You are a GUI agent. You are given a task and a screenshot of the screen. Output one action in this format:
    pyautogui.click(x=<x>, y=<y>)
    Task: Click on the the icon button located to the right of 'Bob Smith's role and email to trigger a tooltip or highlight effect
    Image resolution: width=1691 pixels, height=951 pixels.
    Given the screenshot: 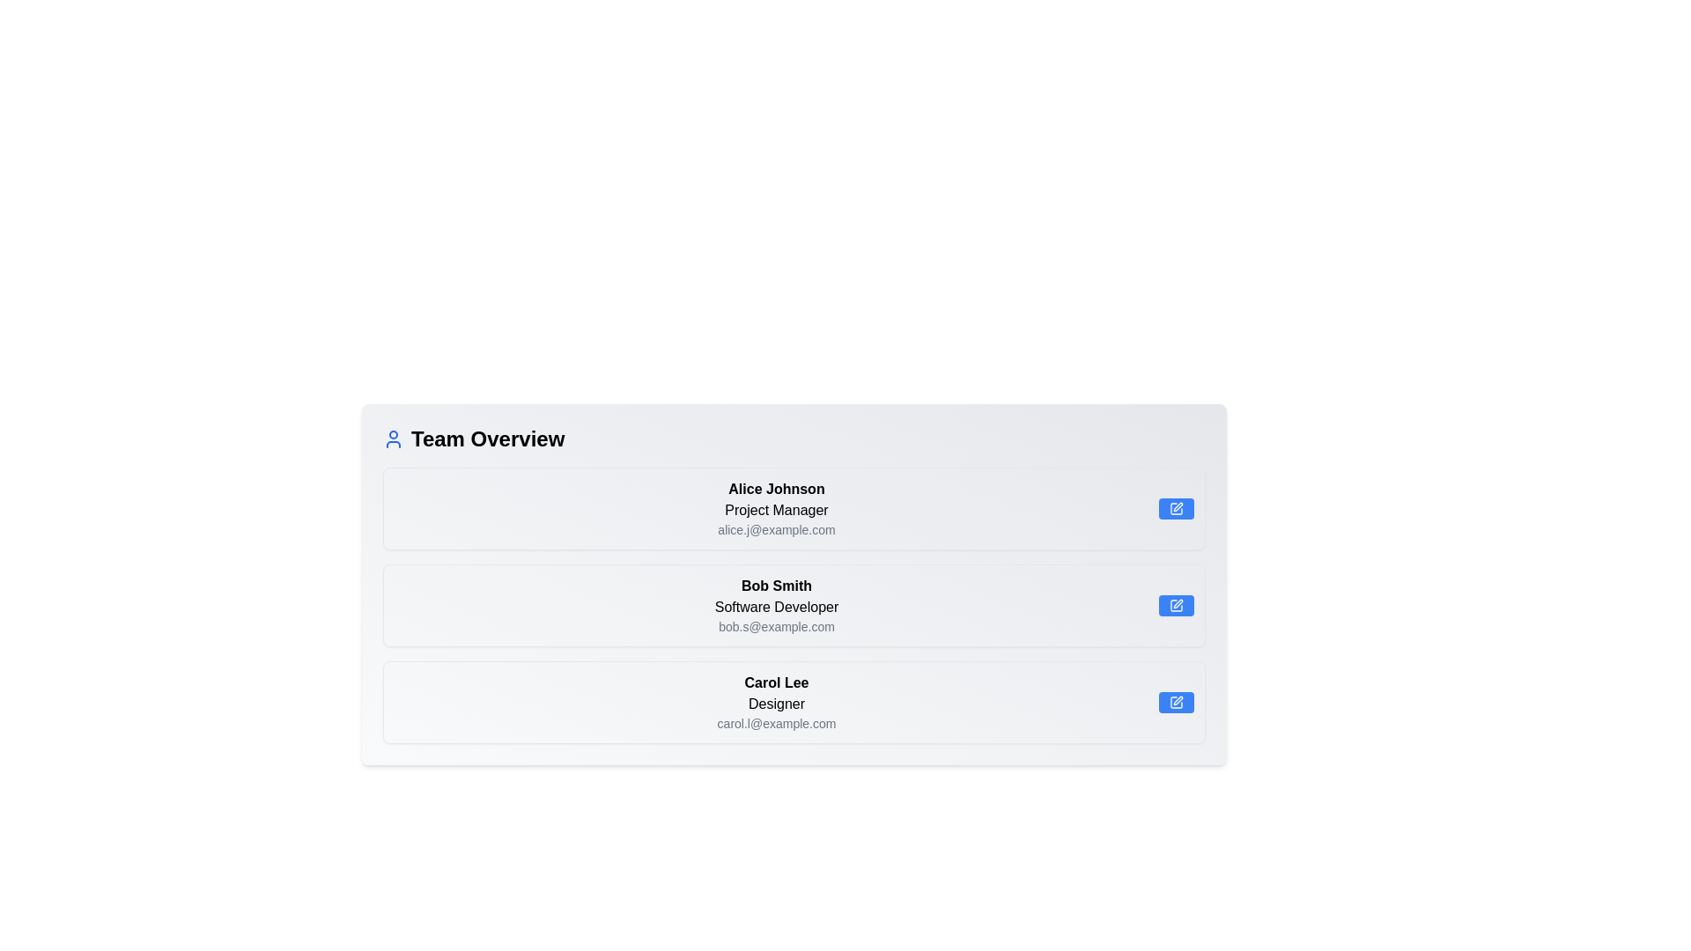 What is the action you would take?
    pyautogui.click(x=1178, y=603)
    